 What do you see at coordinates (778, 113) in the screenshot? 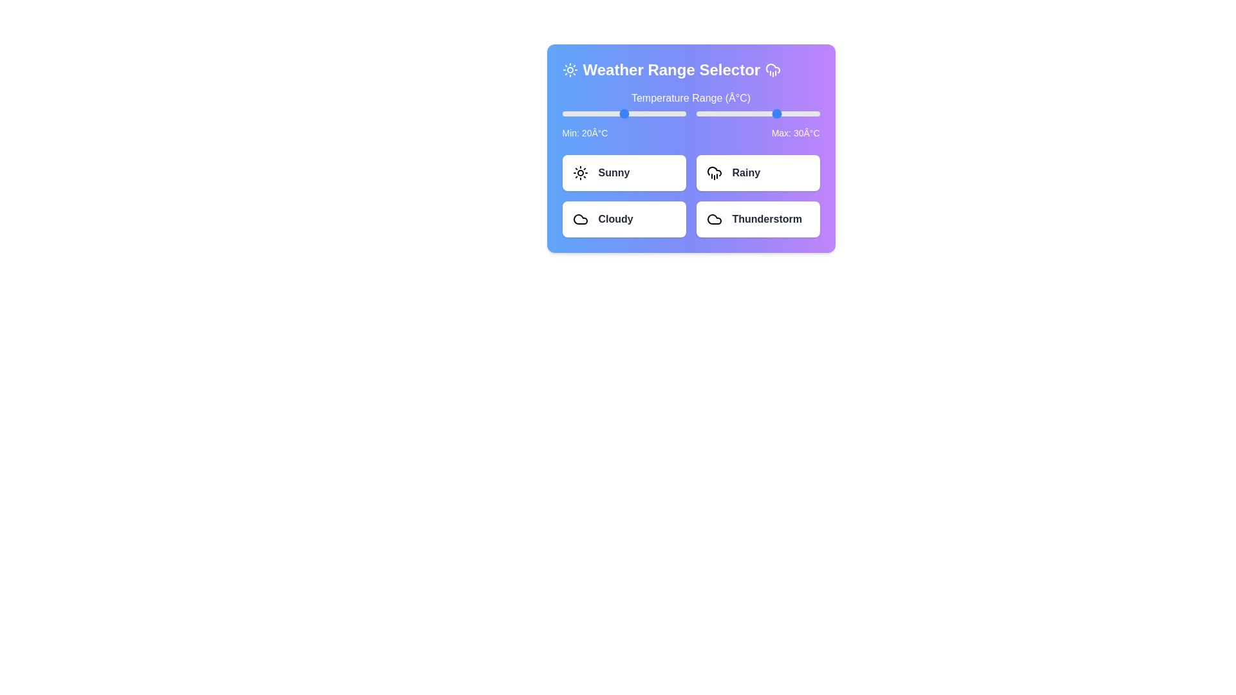
I see `the maximum temperature slider to 30°C` at bounding box center [778, 113].